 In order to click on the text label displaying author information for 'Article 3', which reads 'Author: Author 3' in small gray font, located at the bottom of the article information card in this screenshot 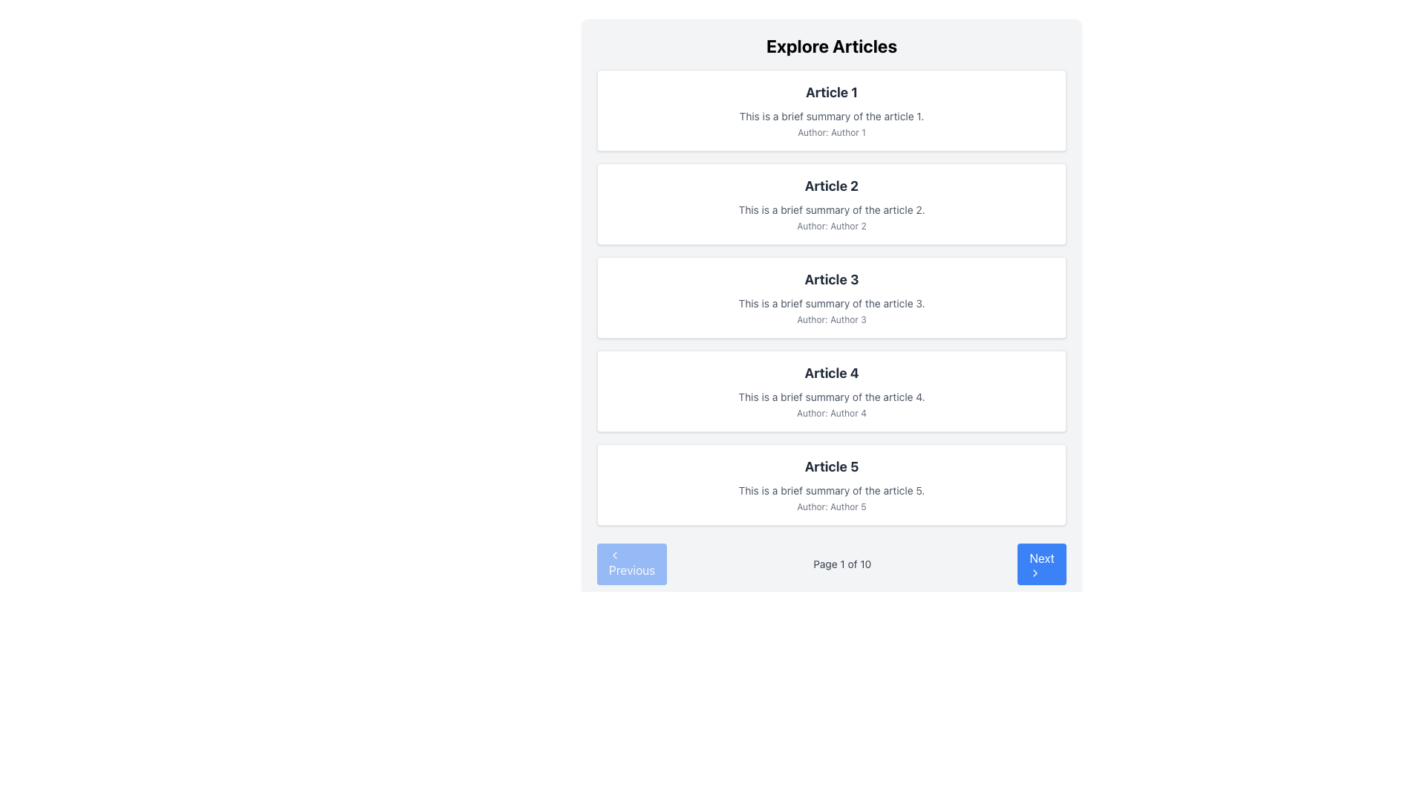, I will do `click(830, 319)`.